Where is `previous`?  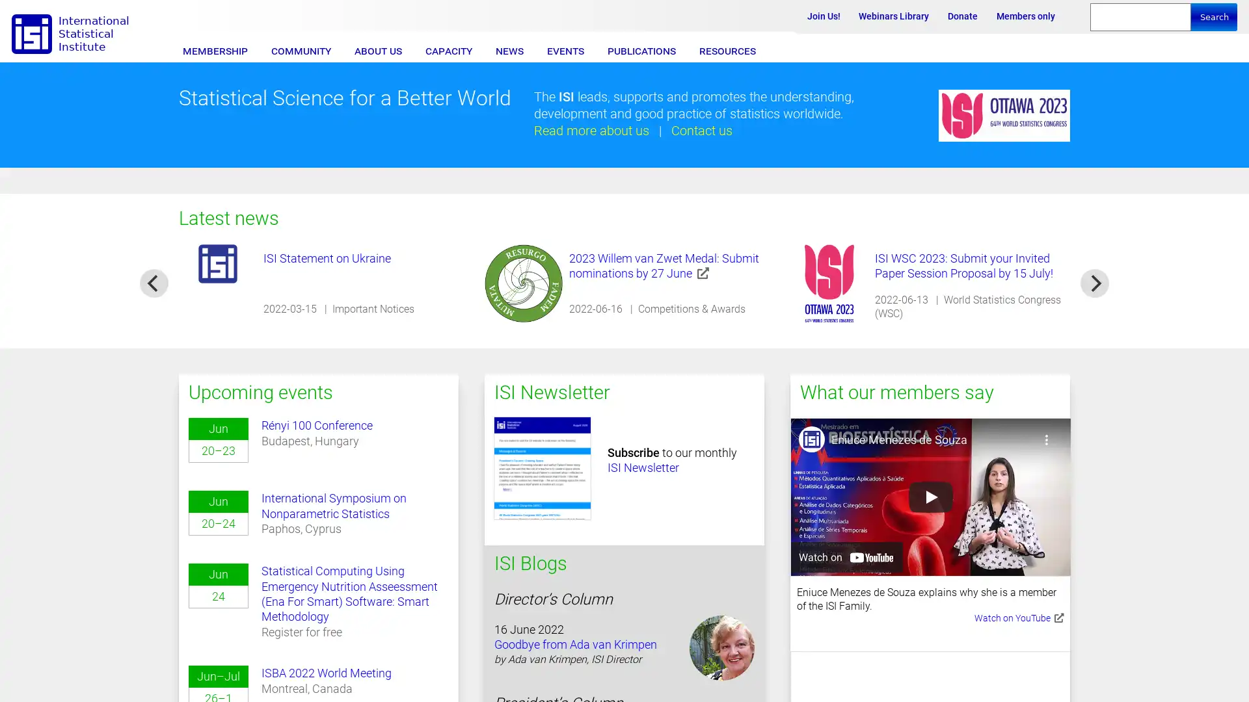
previous is located at coordinates (154, 282).